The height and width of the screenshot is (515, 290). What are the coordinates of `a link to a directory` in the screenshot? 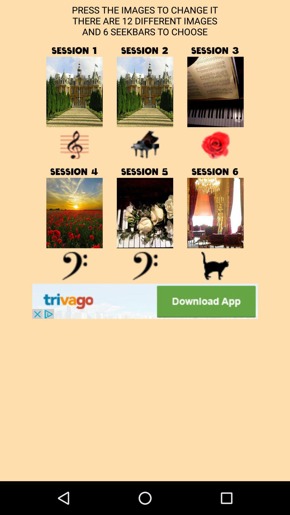 It's located at (74, 92).